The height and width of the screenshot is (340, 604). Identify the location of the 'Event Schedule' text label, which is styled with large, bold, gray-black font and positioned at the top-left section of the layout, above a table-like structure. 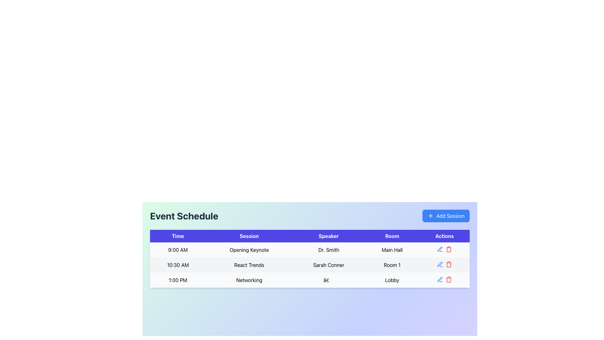
(184, 216).